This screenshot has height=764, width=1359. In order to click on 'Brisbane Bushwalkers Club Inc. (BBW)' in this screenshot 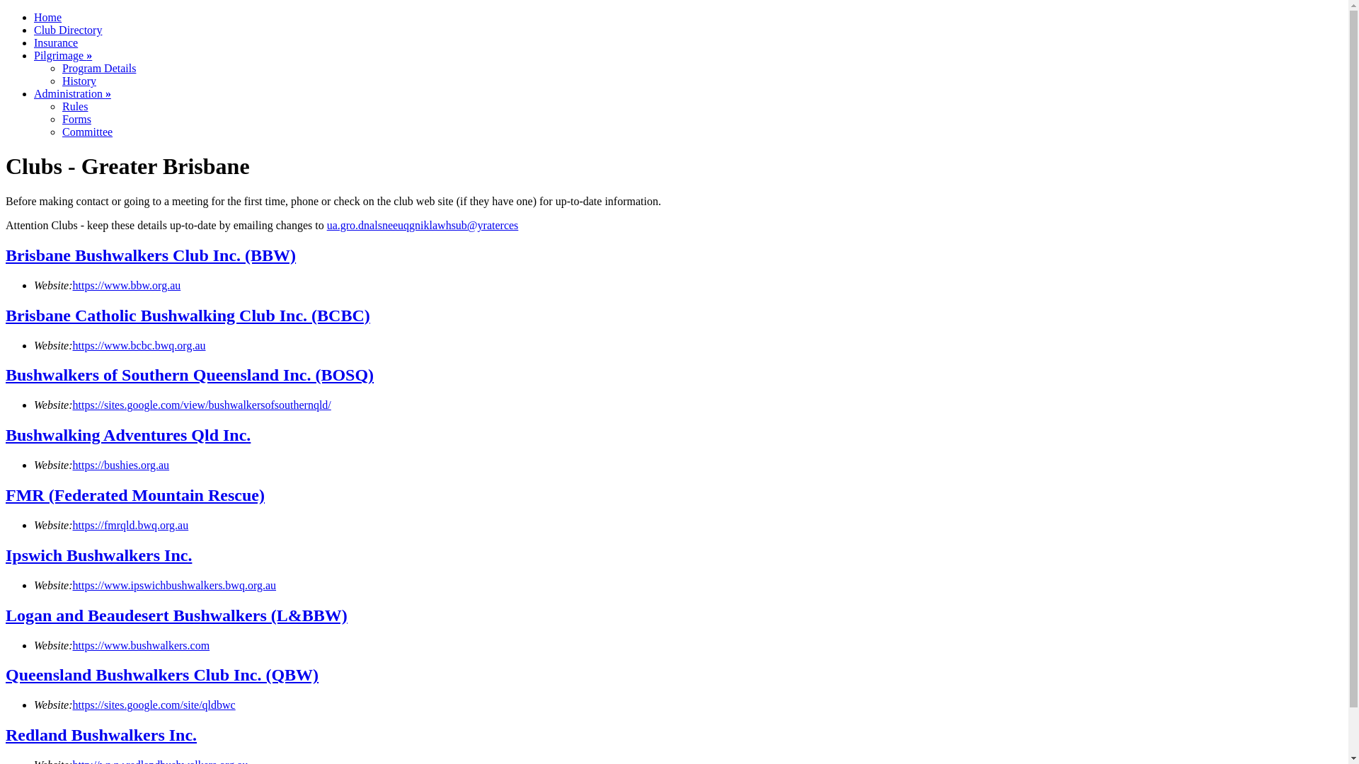, I will do `click(6, 255)`.